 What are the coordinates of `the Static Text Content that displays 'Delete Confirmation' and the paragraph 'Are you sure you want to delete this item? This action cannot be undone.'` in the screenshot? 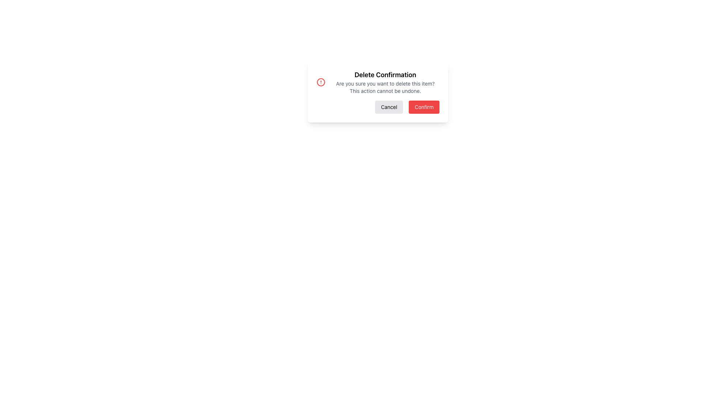 It's located at (385, 82).